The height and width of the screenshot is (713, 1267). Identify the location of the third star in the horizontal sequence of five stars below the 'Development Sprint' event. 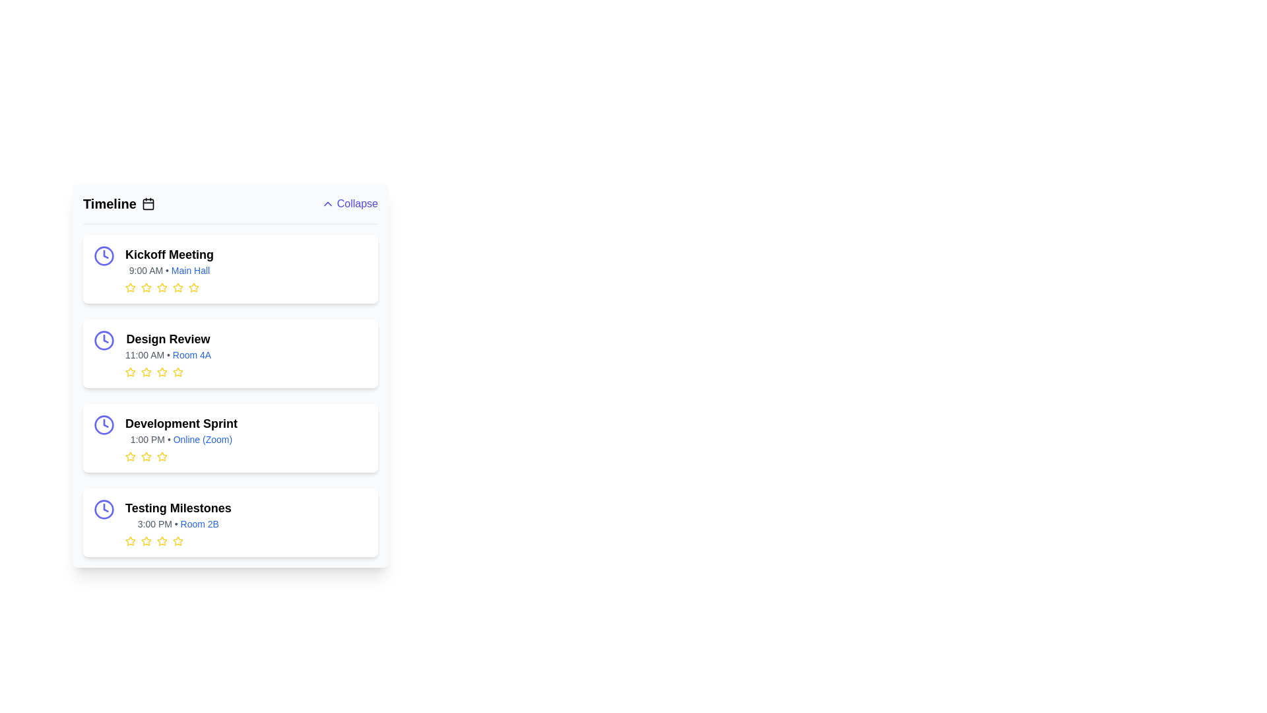
(146, 456).